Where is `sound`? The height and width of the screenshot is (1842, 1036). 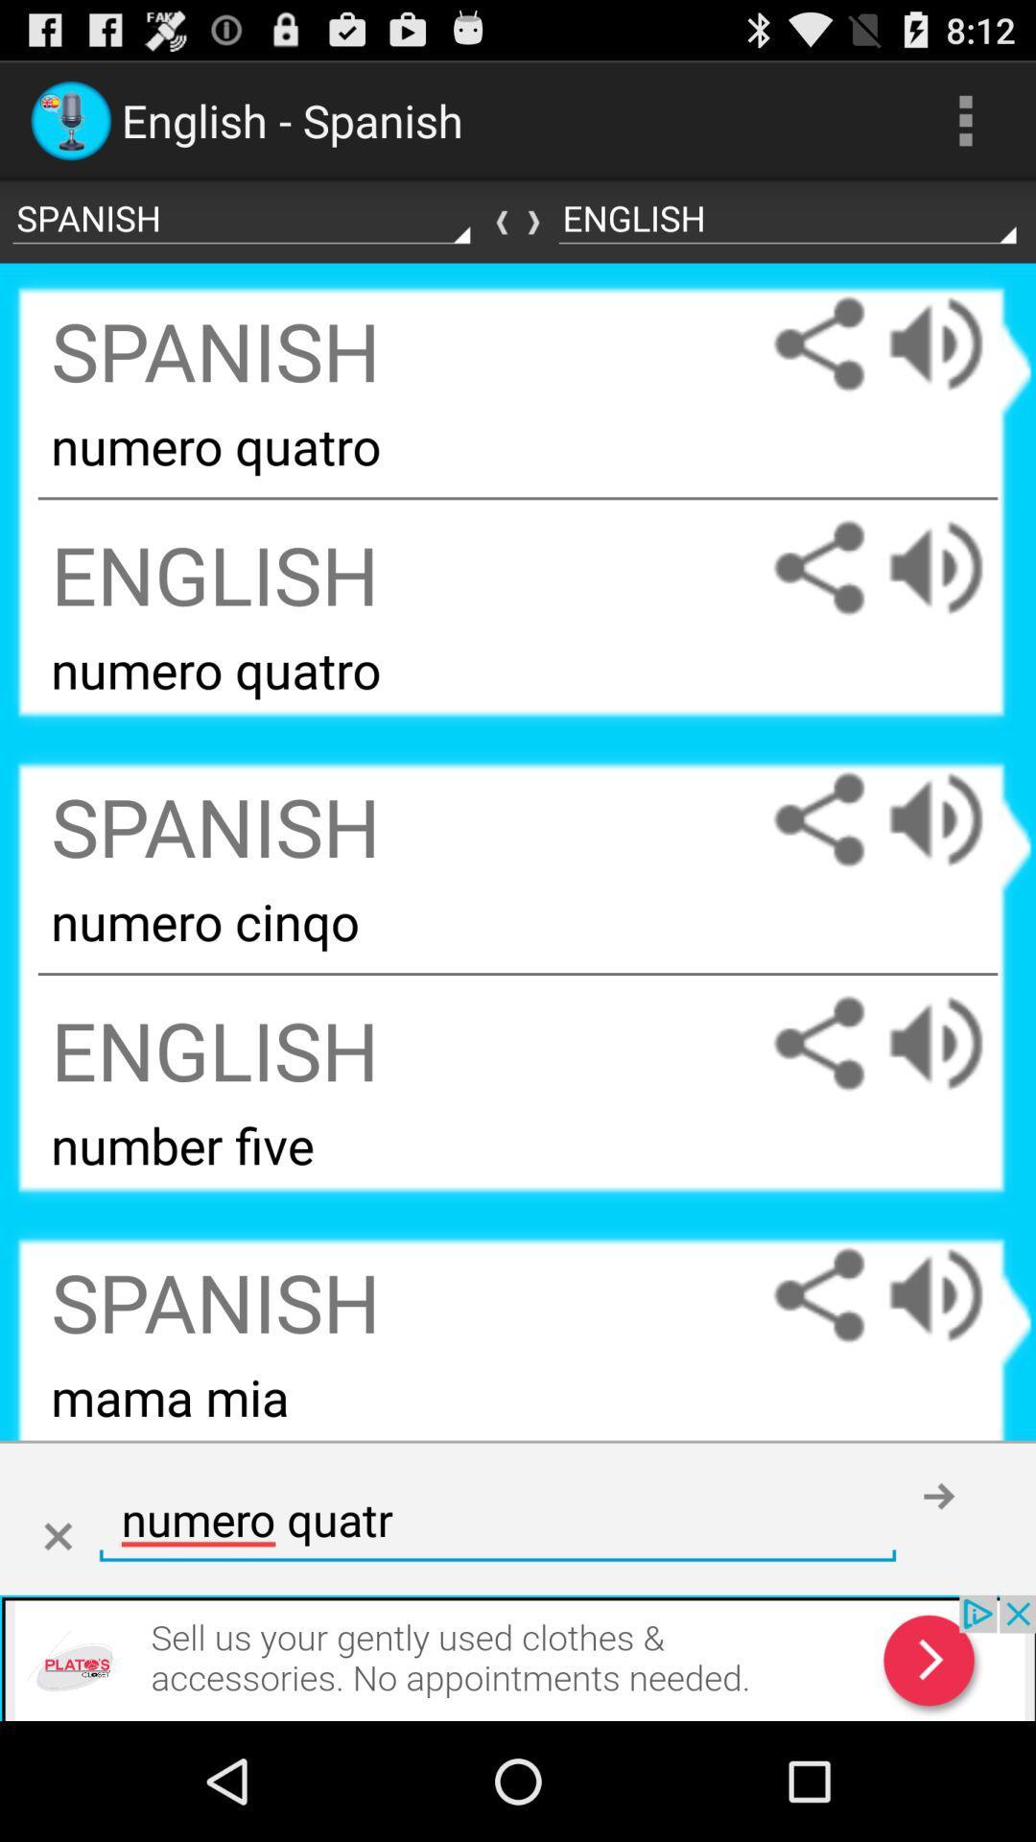 sound is located at coordinates (954, 567).